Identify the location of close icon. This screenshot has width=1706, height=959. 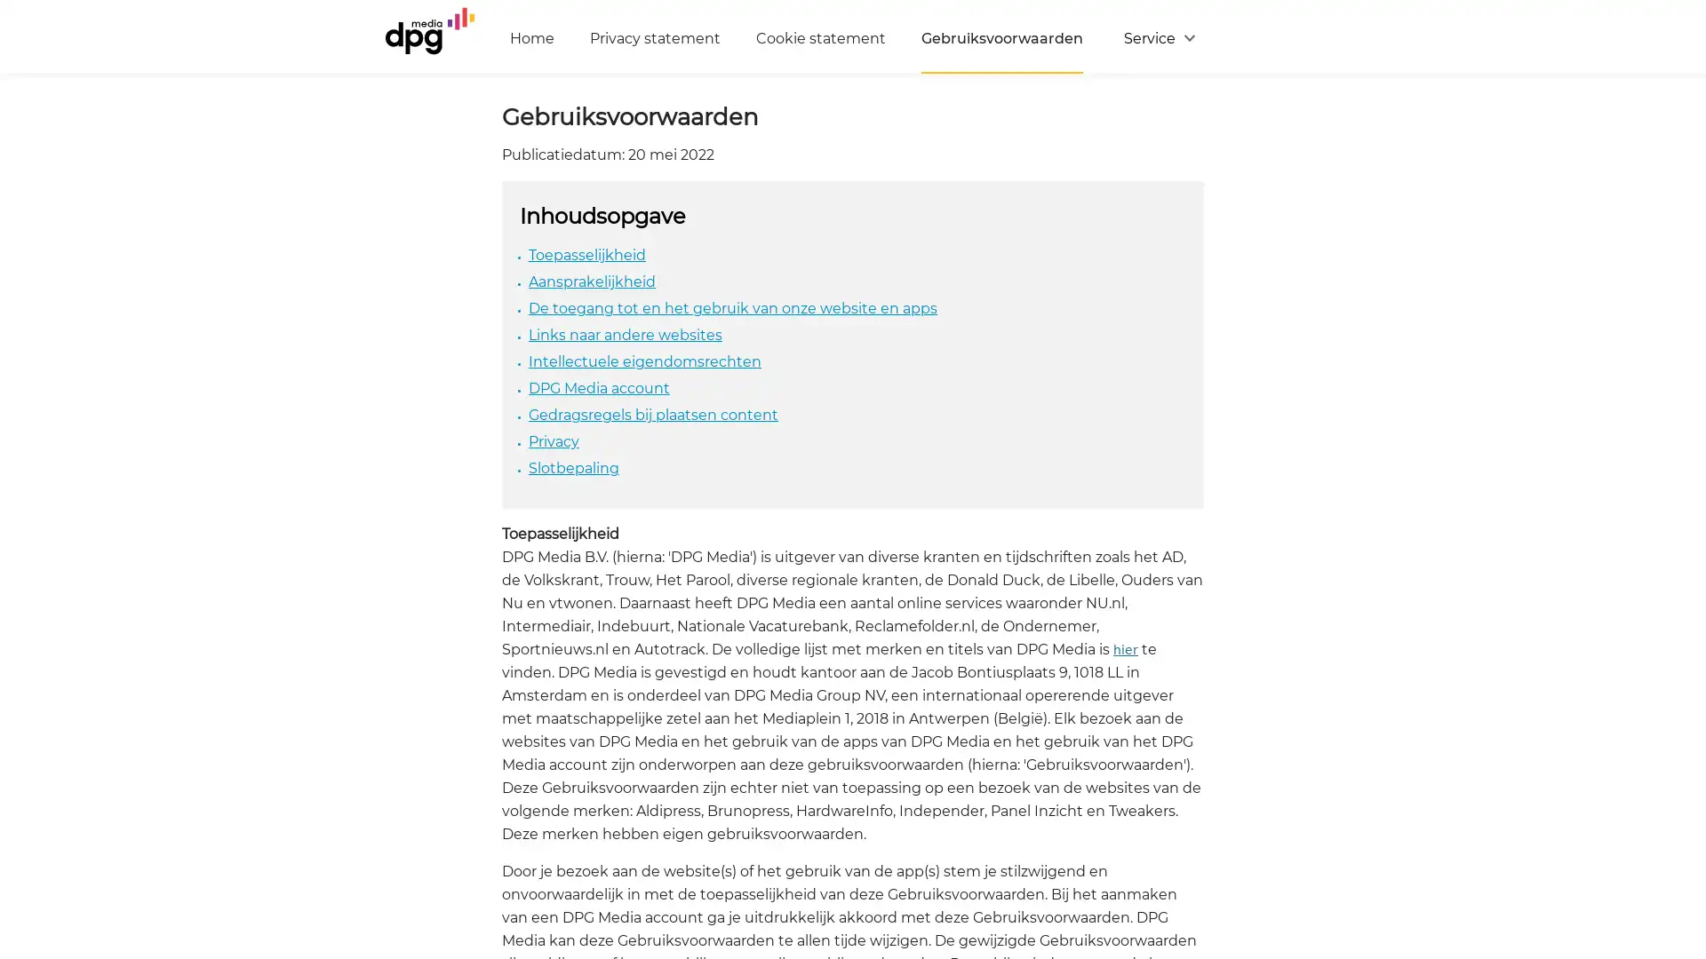
(1683, 741).